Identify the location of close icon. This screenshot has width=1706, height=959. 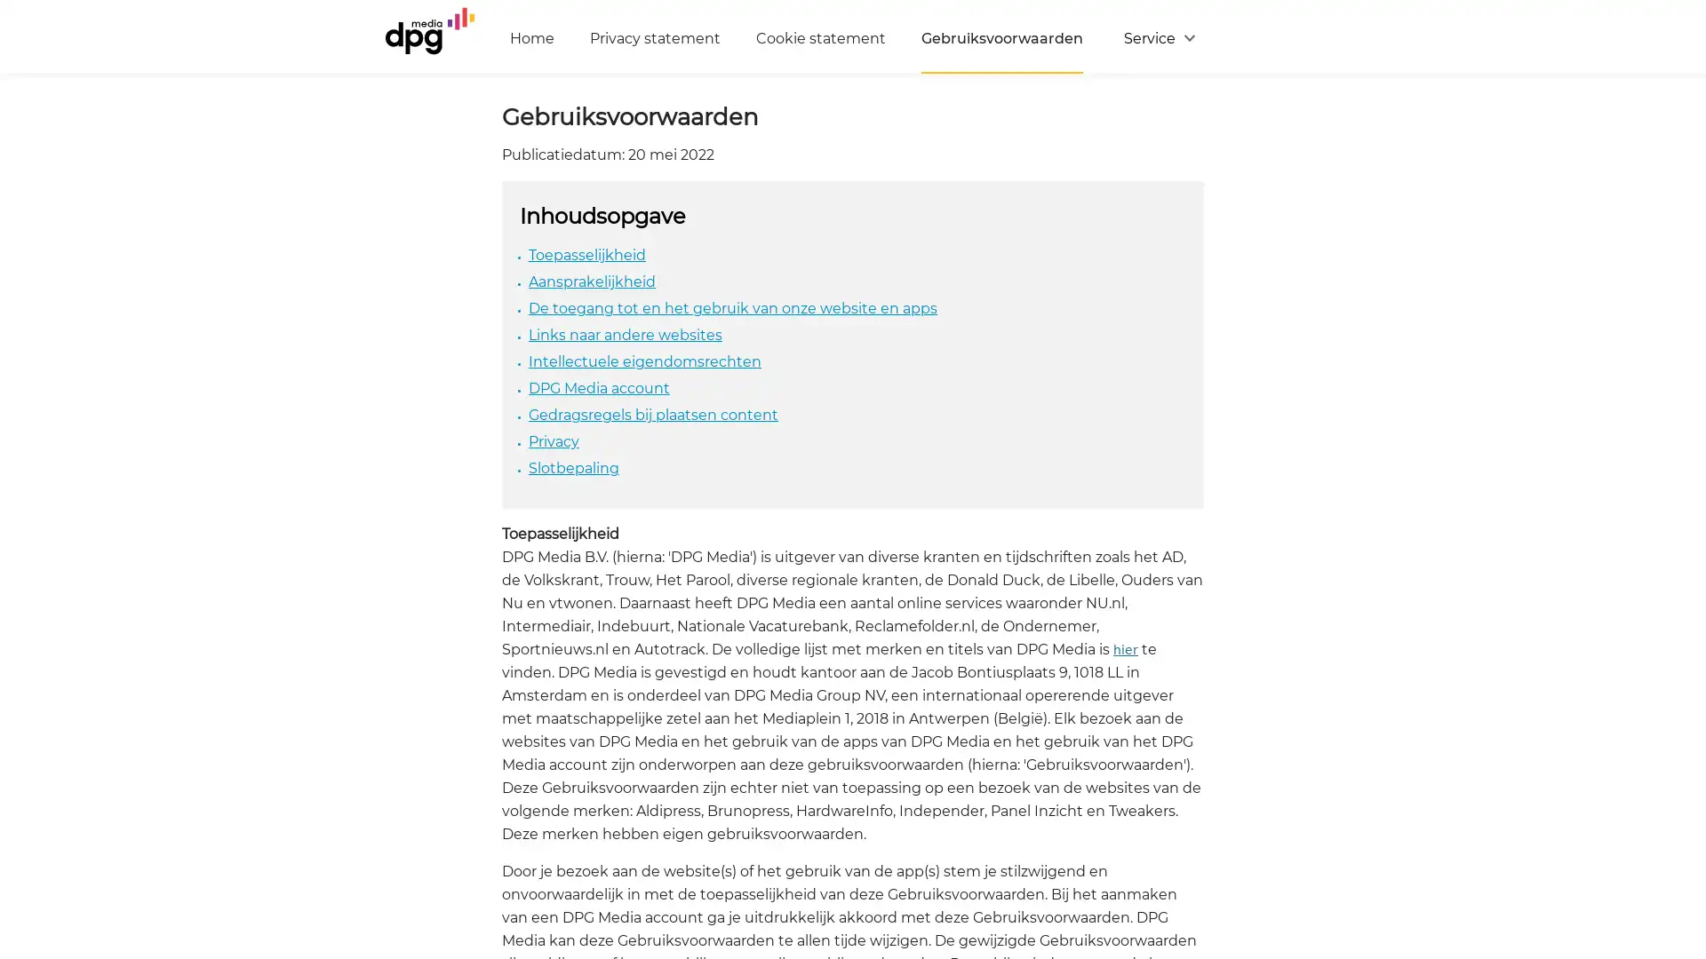
(1683, 741).